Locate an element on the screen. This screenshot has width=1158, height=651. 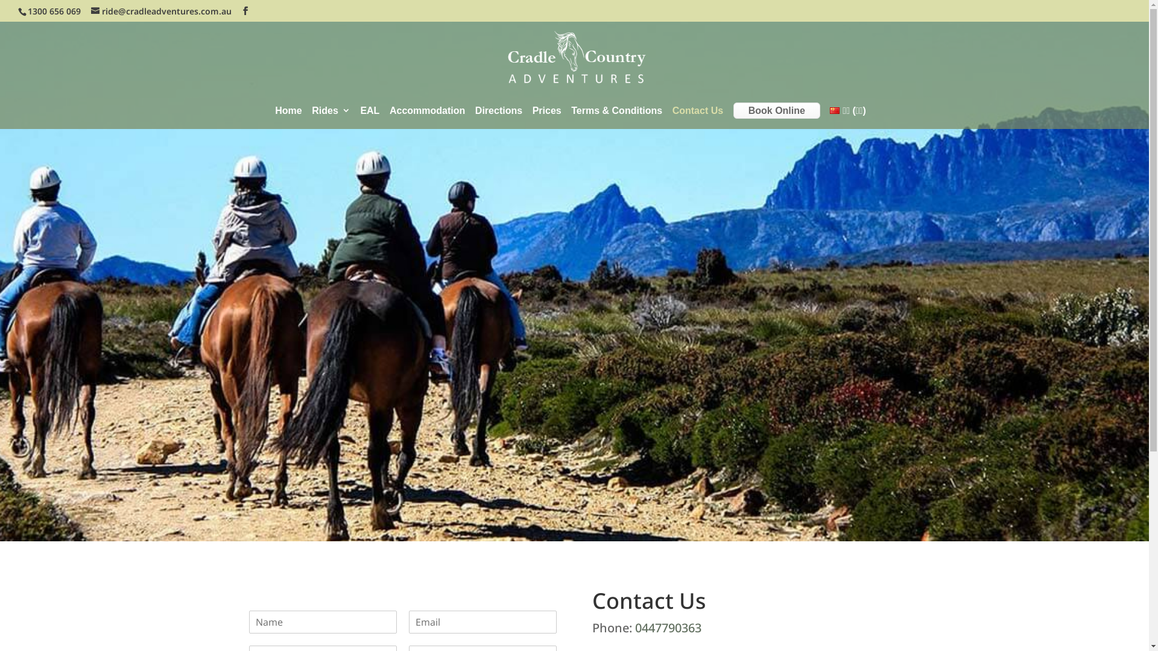
'Accommodation' is located at coordinates (427, 118).